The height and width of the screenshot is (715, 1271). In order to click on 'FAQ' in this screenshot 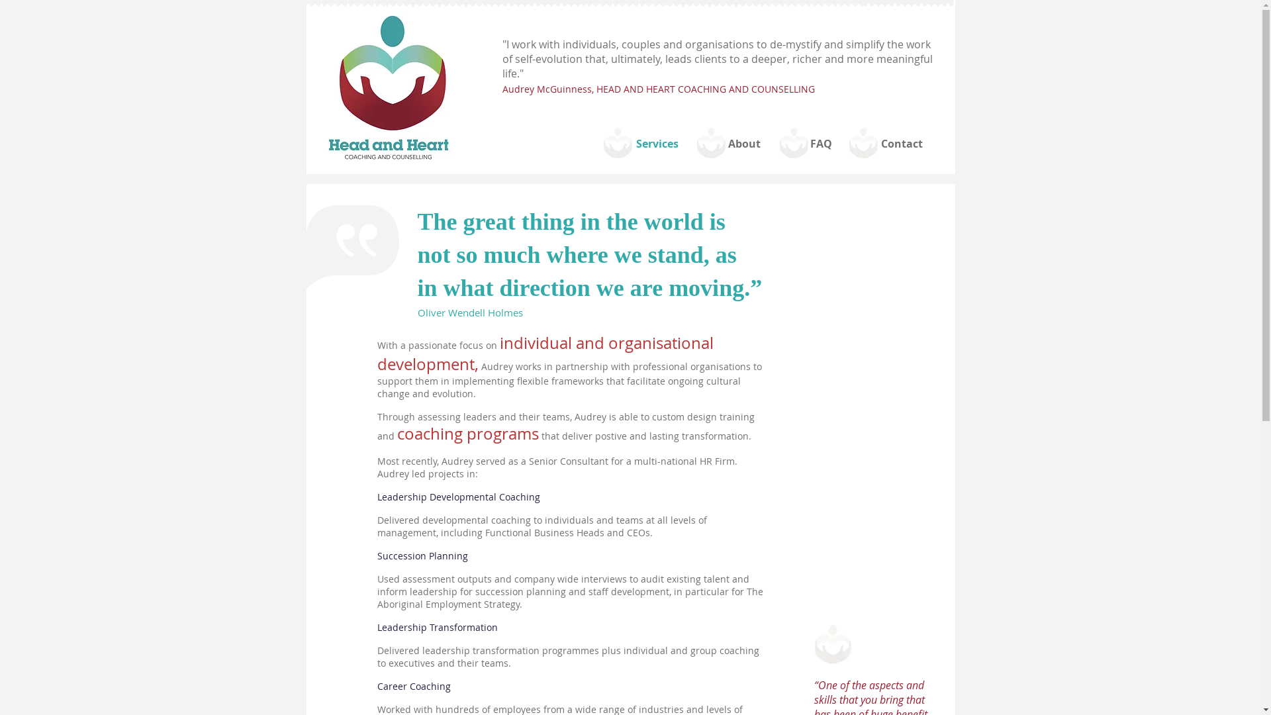, I will do `click(820, 144)`.